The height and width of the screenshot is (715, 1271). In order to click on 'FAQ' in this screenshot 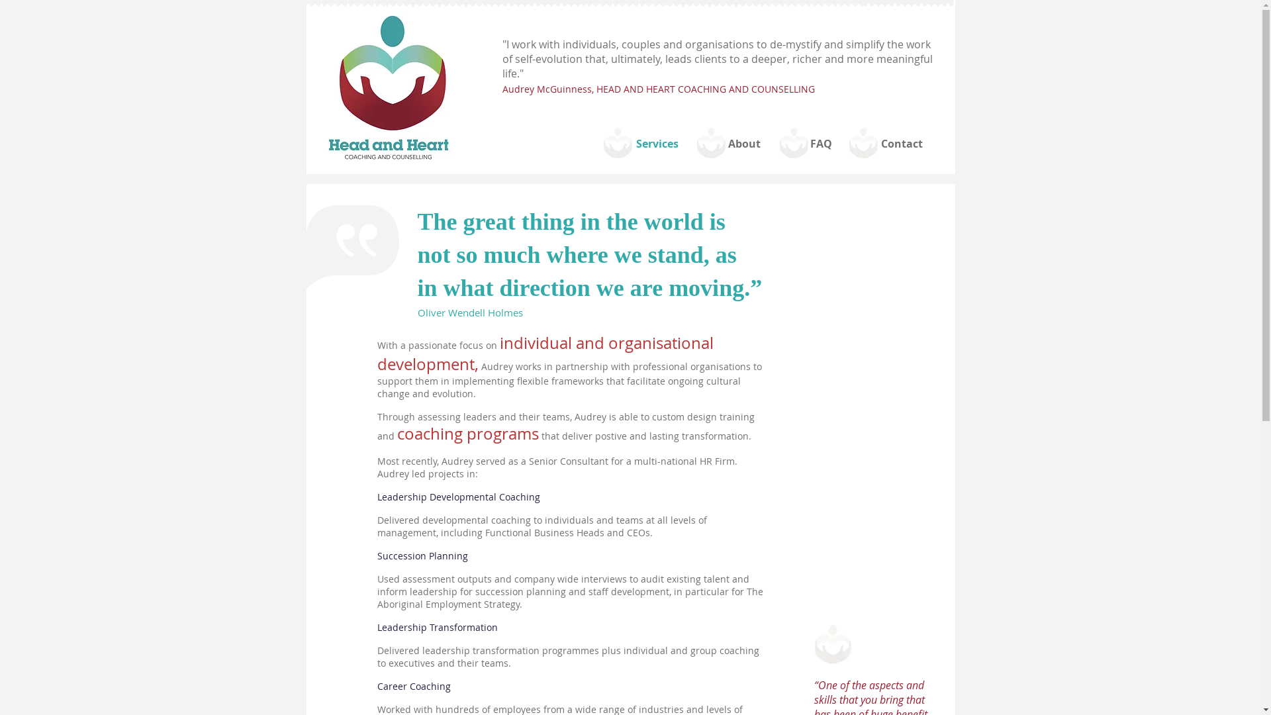, I will do `click(820, 144)`.